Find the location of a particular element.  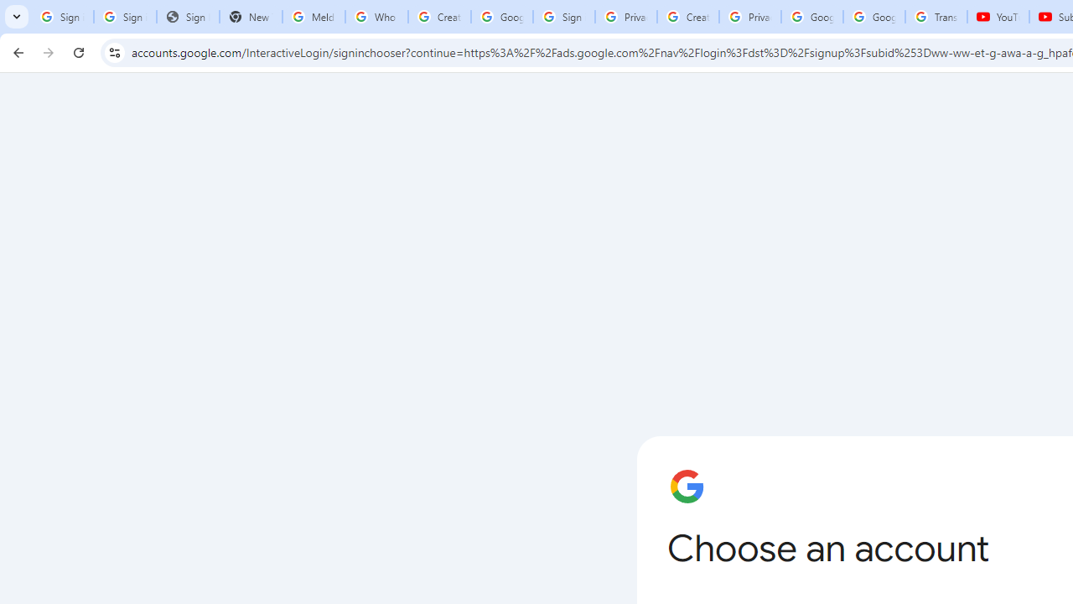

'Search tabs' is located at coordinates (17, 17).